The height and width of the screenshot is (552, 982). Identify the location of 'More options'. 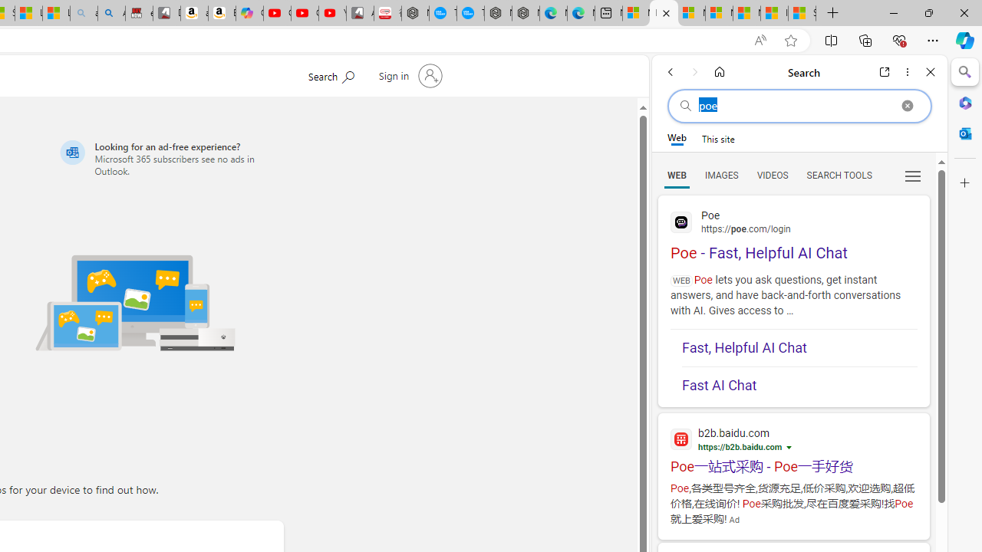
(907, 71).